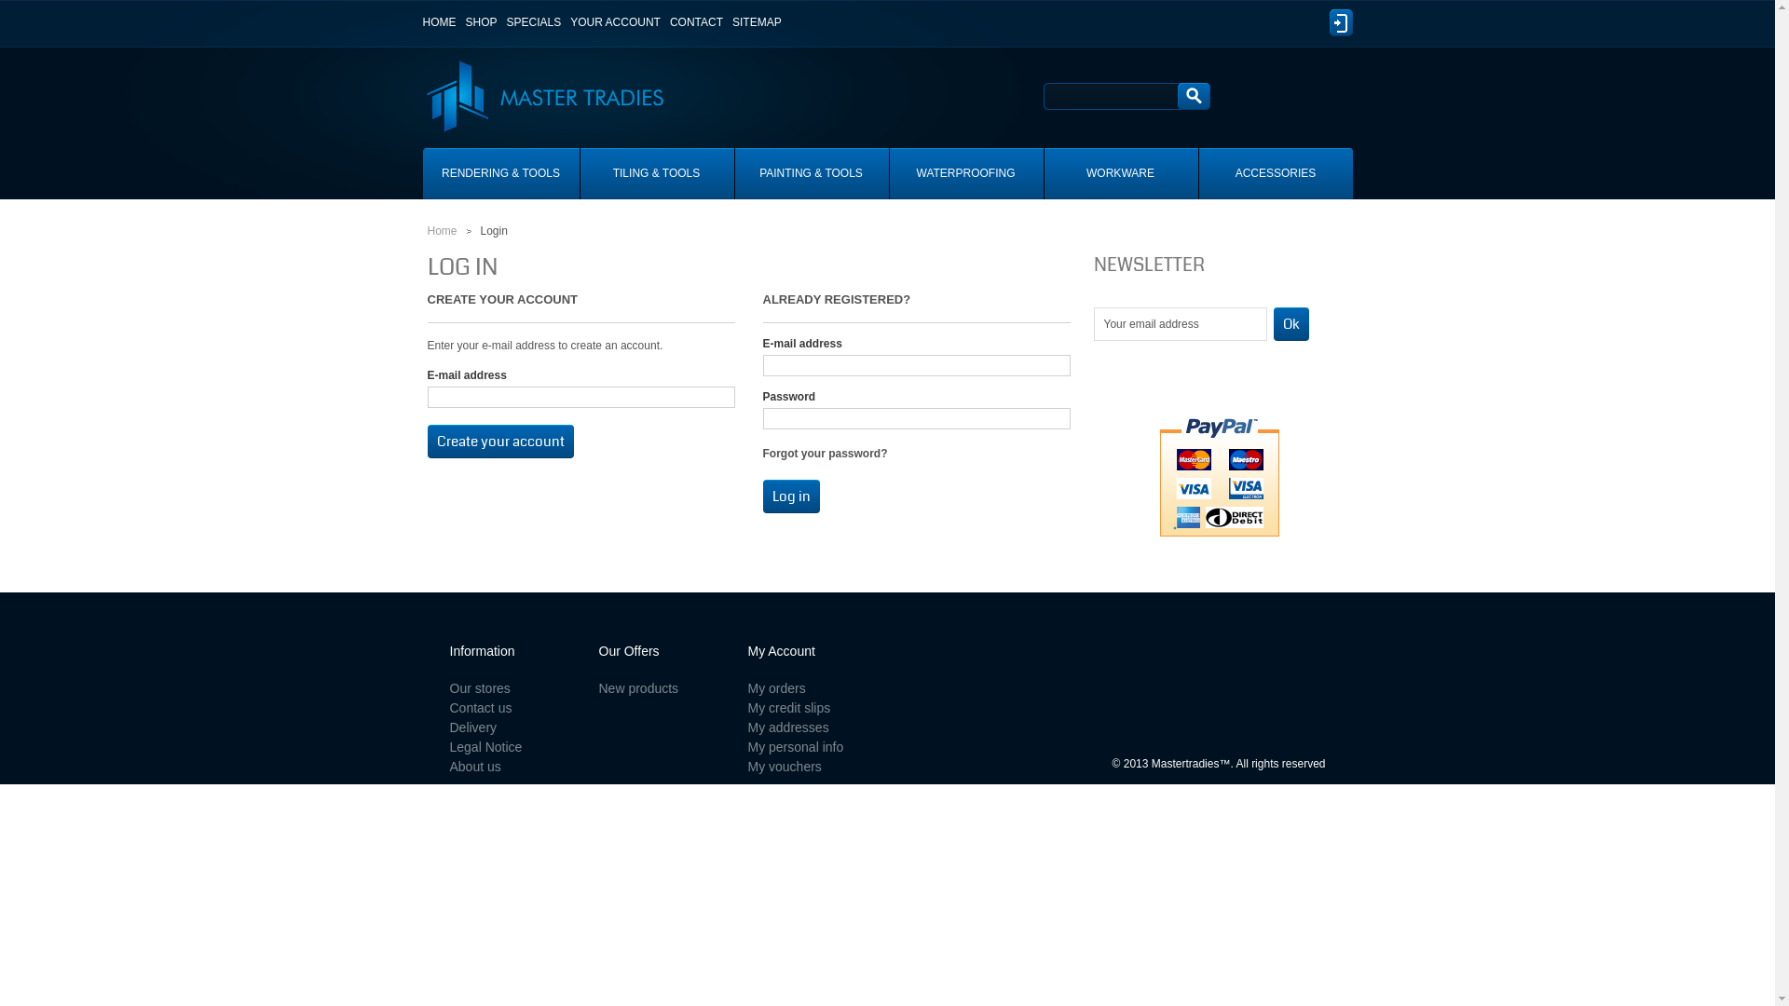  Describe the element at coordinates (746, 766) in the screenshot. I see `'My vouchers'` at that location.